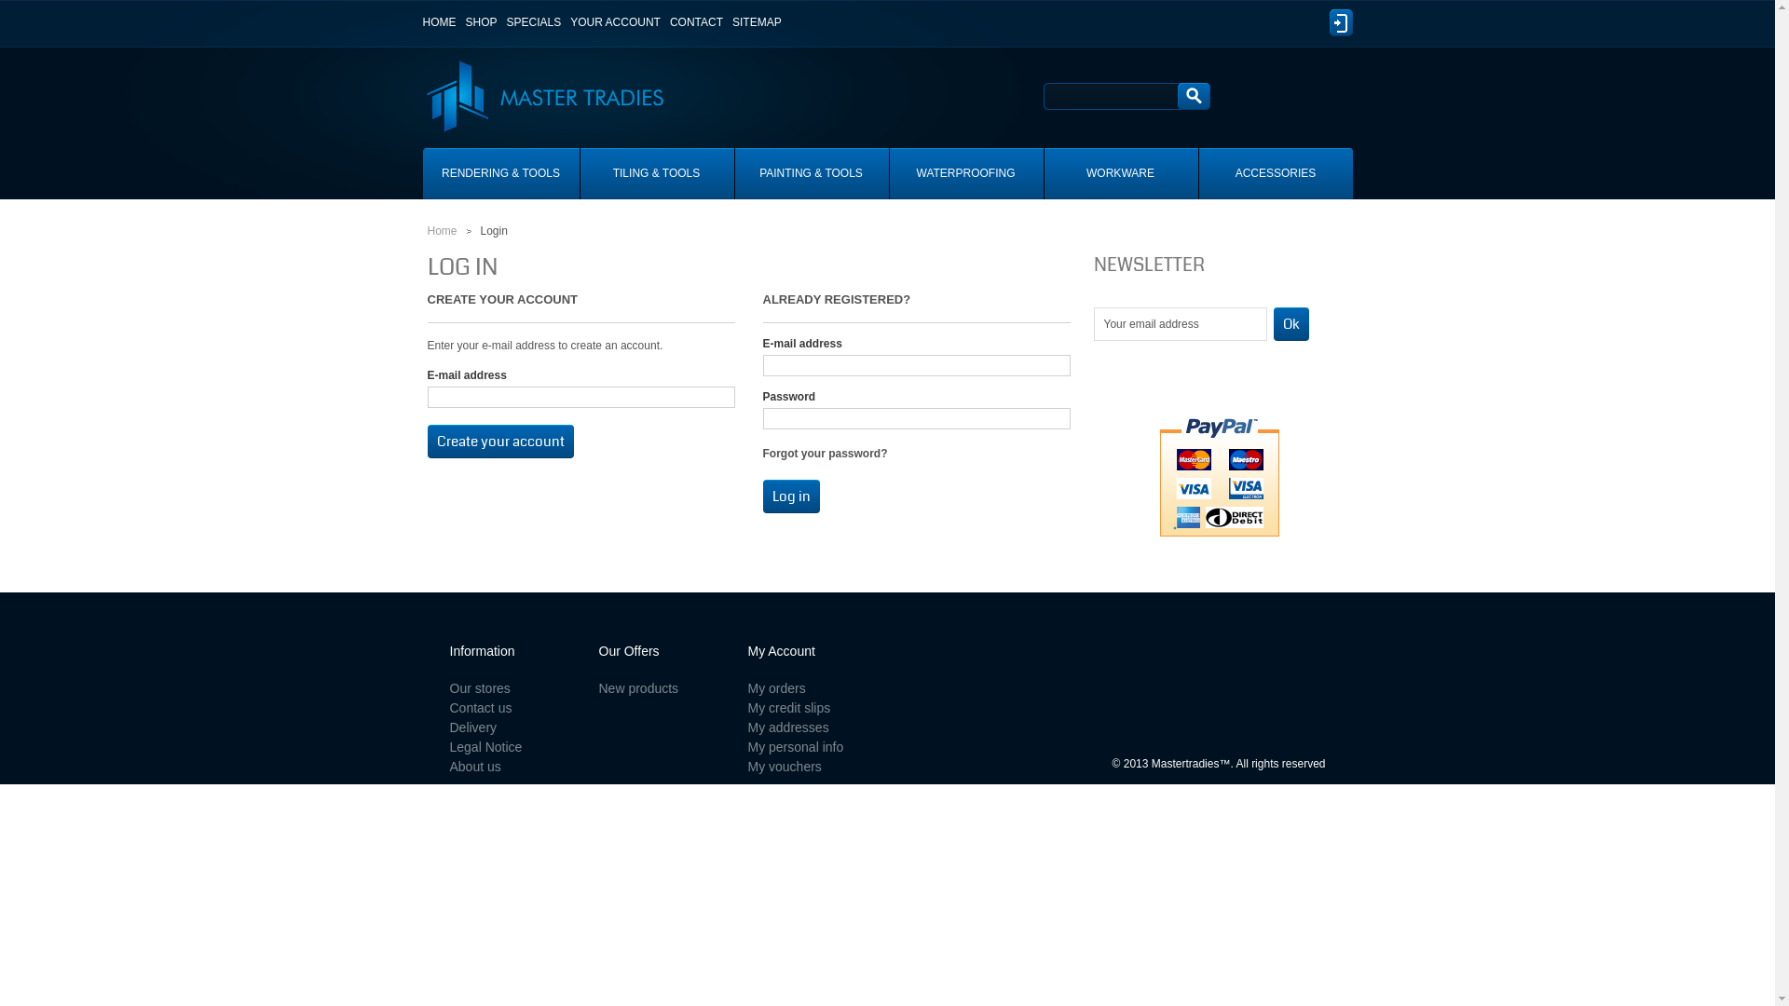  Describe the element at coordinates (746, 766) in the screenshot. I see `'My vouchers'` at that location.